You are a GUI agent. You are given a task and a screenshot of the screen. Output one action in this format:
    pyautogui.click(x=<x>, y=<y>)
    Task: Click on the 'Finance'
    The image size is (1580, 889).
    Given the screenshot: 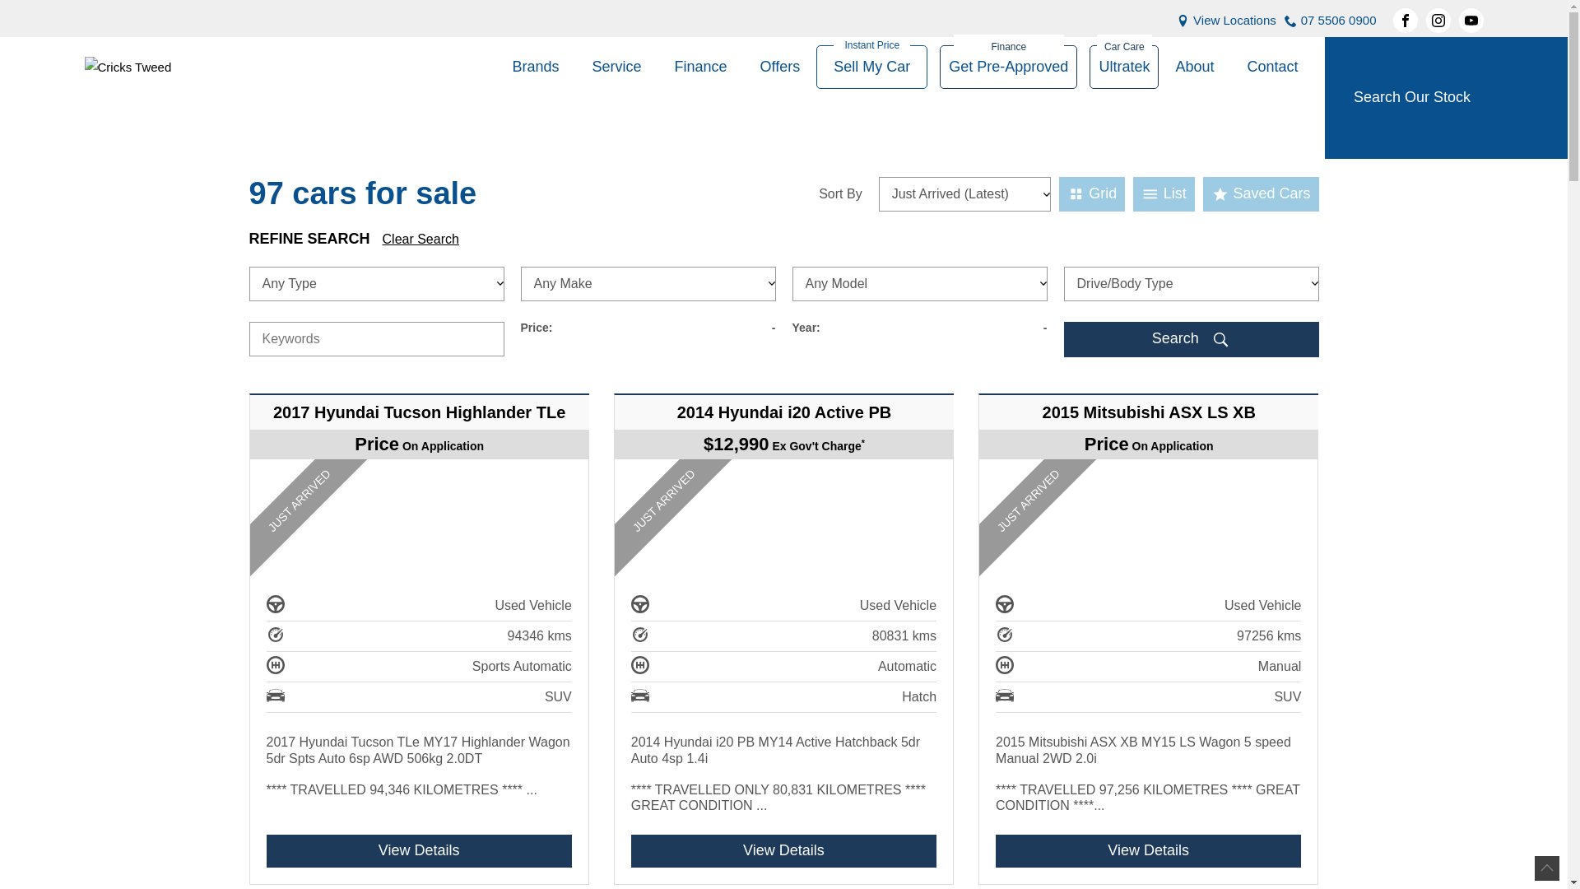 What is the action you would take?
    pyautogui.click(x=658, y=66)
    